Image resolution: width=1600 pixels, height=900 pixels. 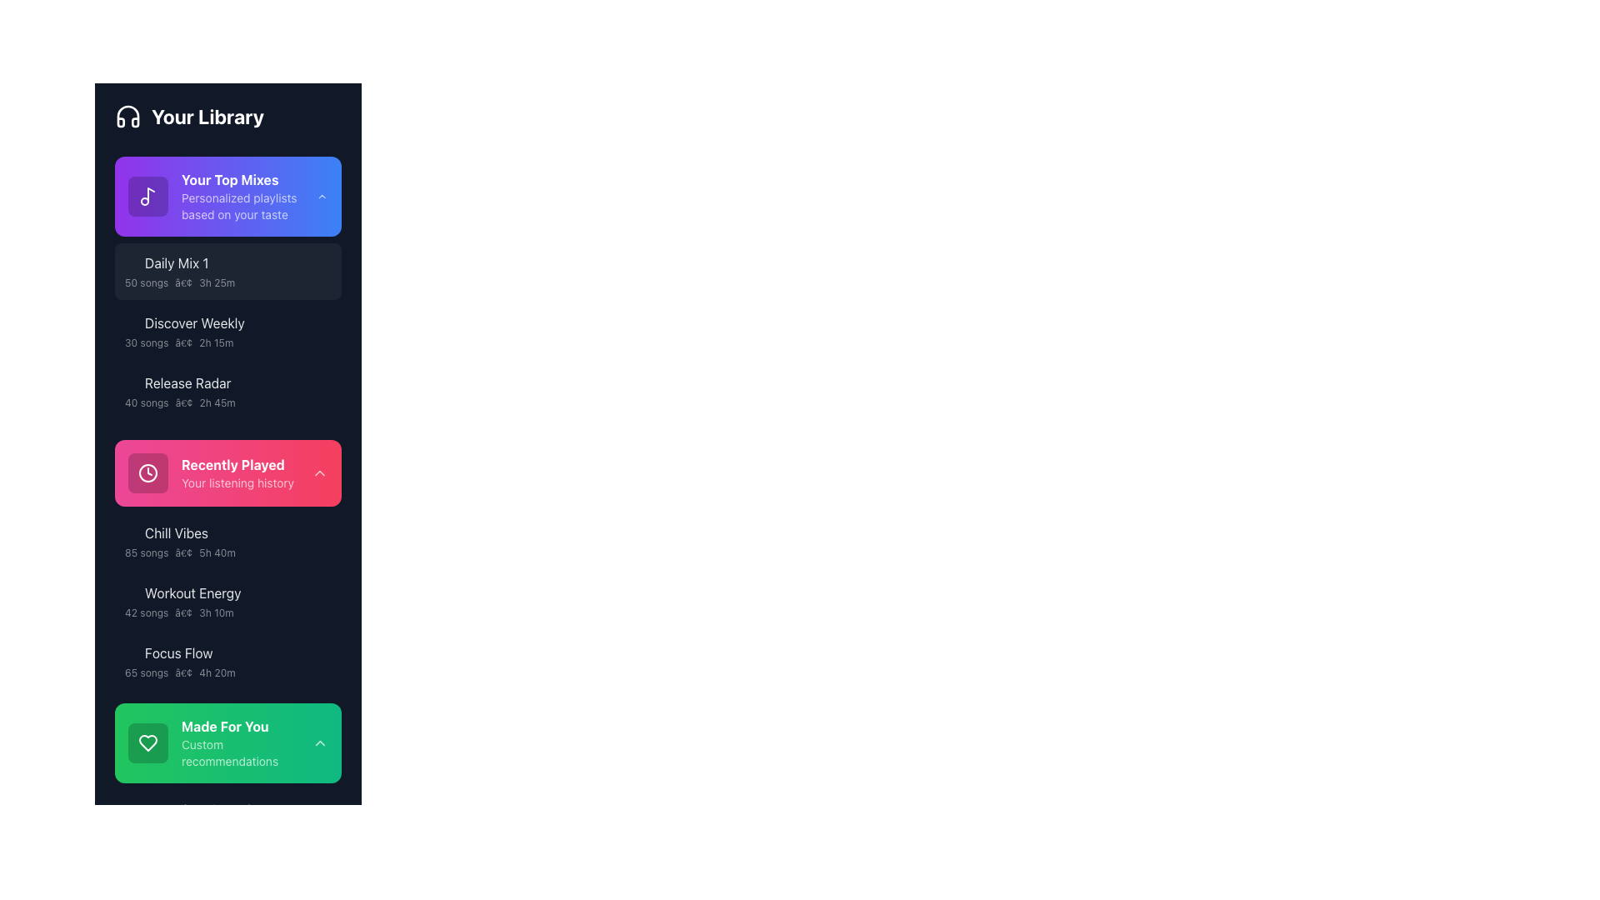 What do you see at coordinates (183, 552) in the screenshot?
I see `the bullet point ('•') element located between '85 songs' and '5h 40m' in the 'Chill Vibes' playlist section` at bounding box center [183, 552].